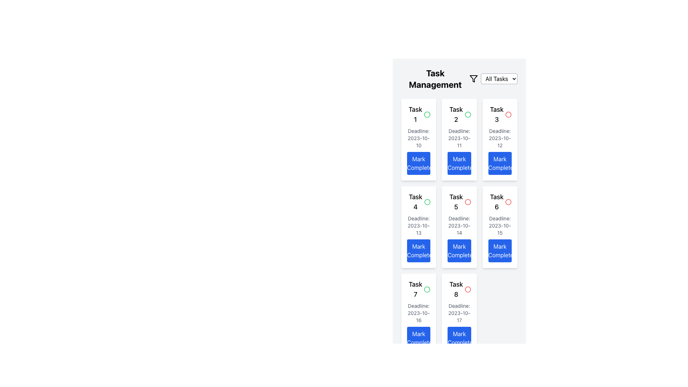  Describe the element at coordinates (455, 114) in the screenshot. I see `the text label displaying the title or identifier of a task, located at the top of the card in the second column of the first row of the task grid layout` at that location.